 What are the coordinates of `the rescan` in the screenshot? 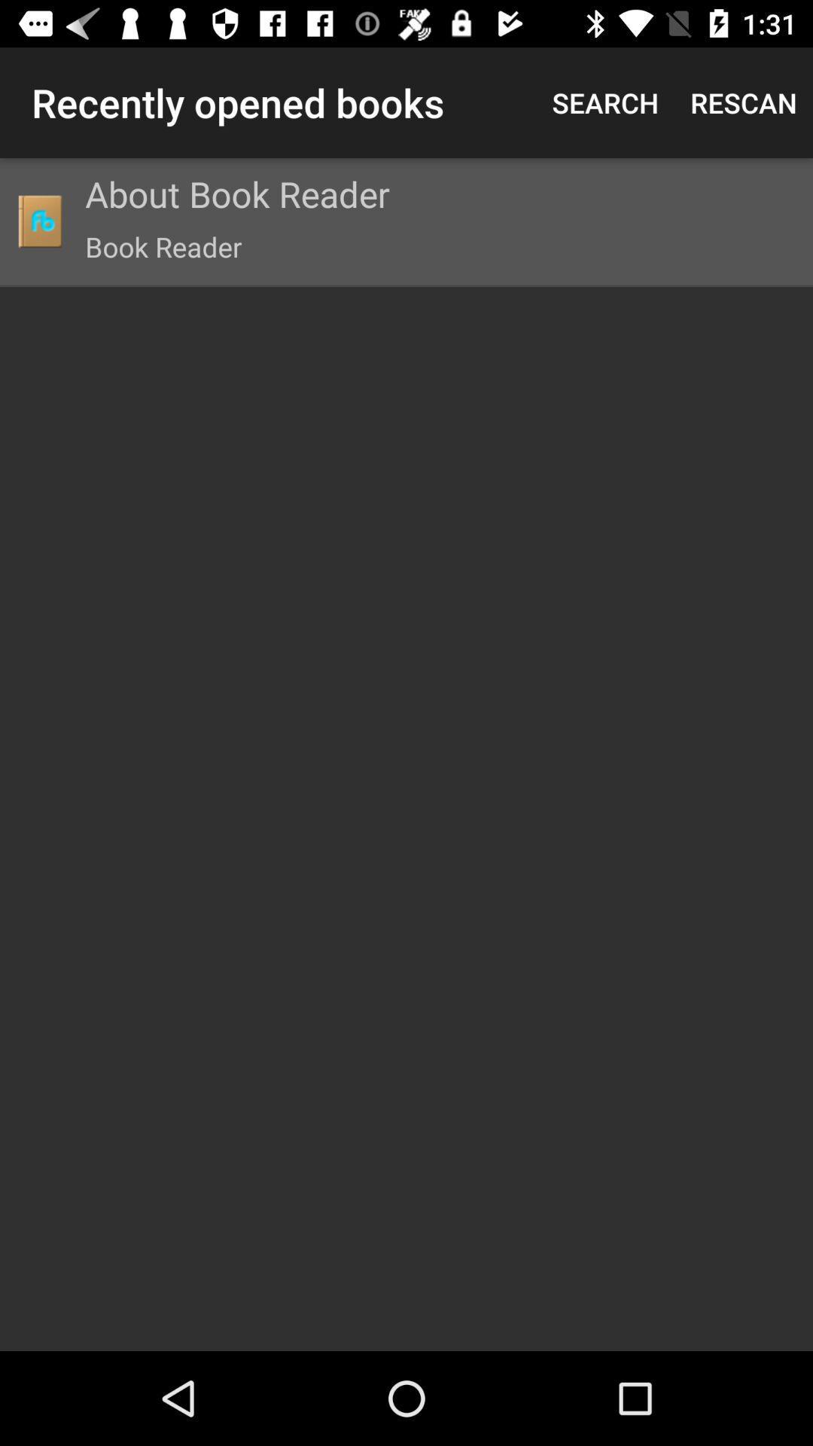 It's located at (743, 102).